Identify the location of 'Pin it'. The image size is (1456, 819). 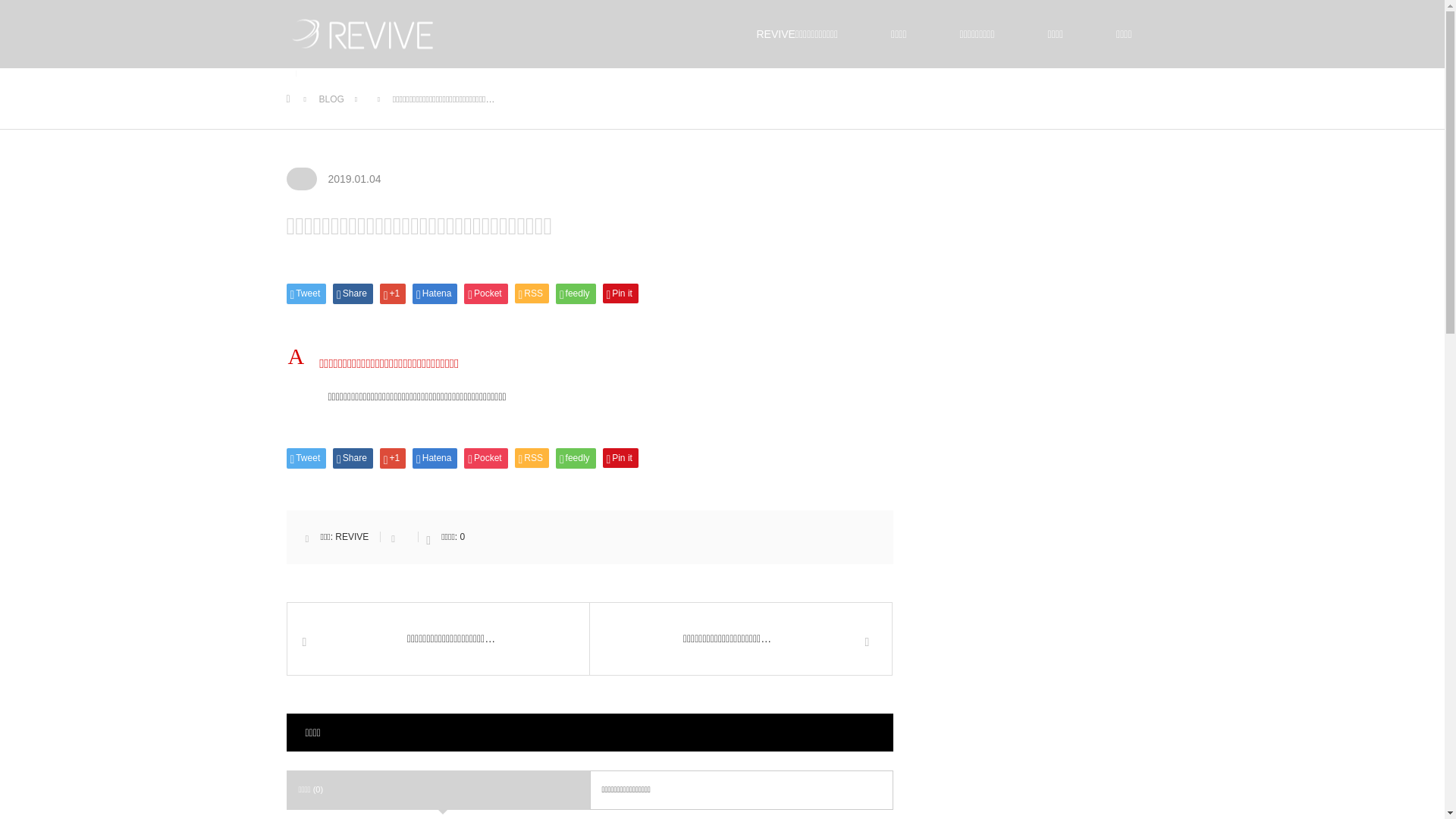
(620, 293).